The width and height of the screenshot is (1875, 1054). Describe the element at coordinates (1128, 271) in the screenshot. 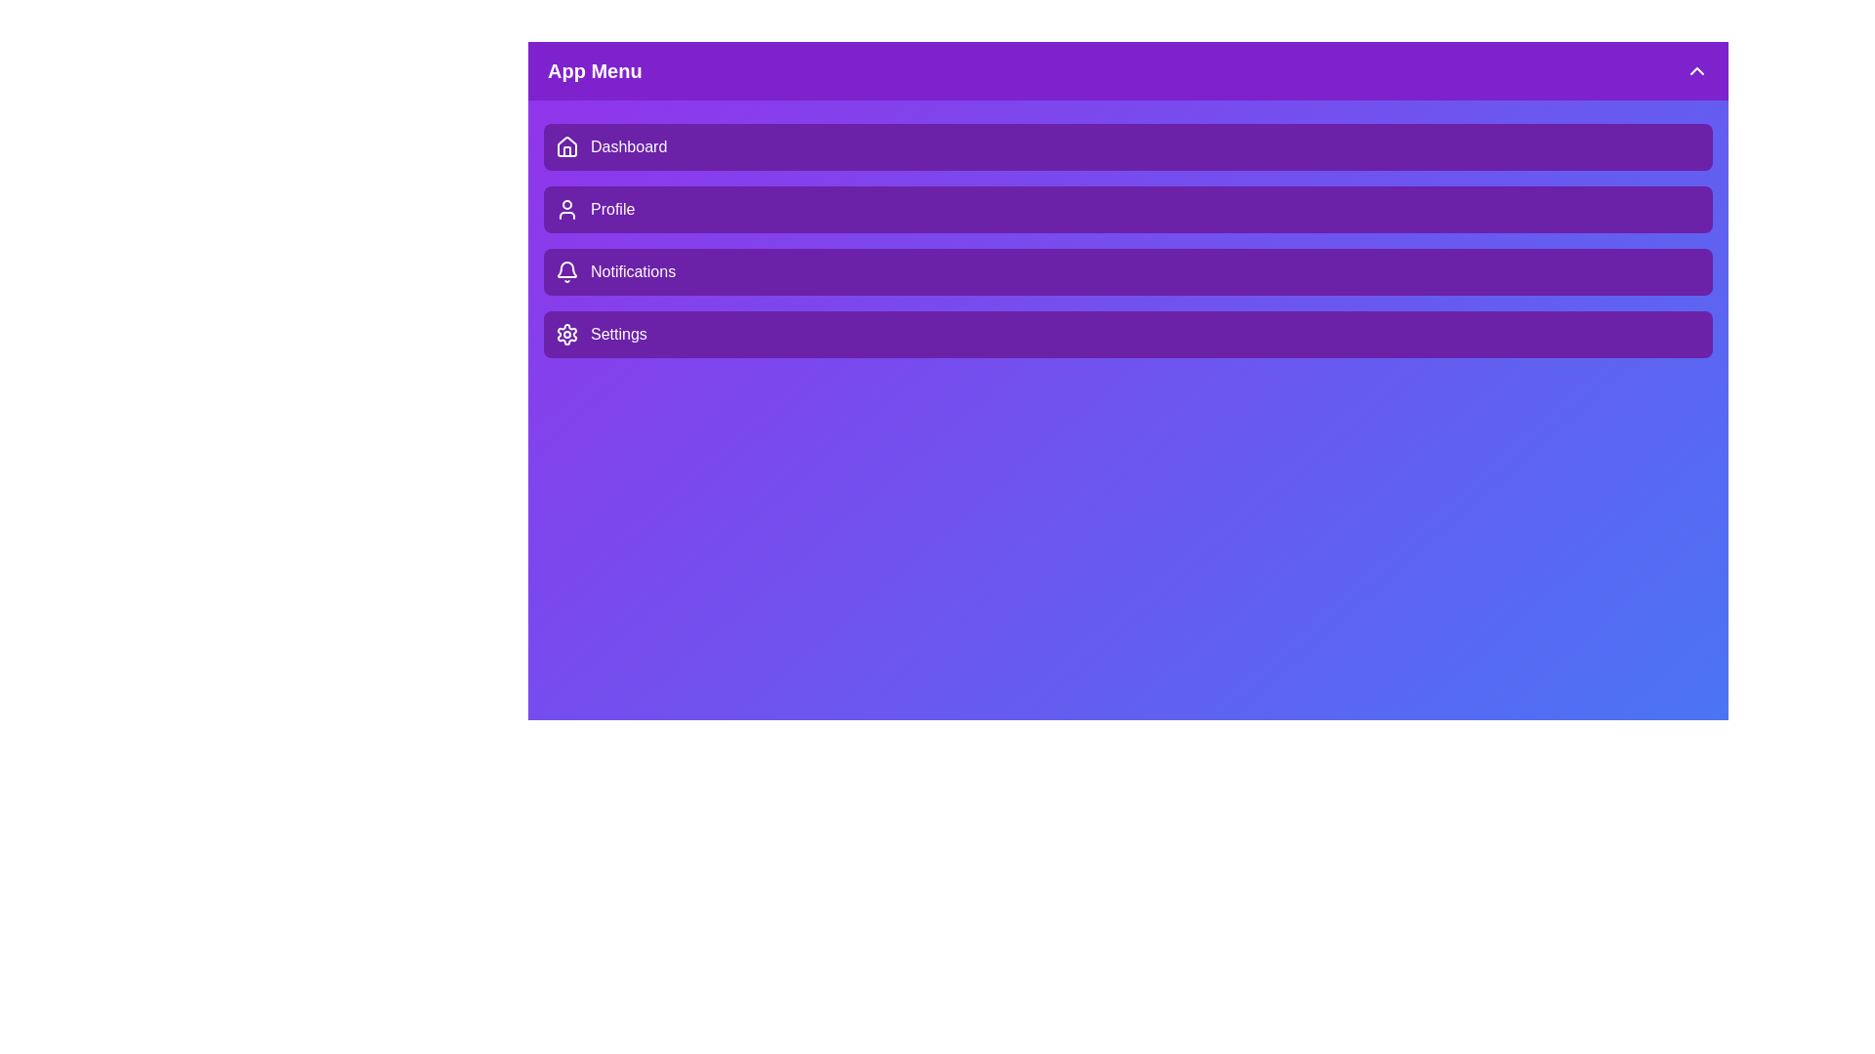

I see `the menu item Notifications to observe hover effects` at that location.